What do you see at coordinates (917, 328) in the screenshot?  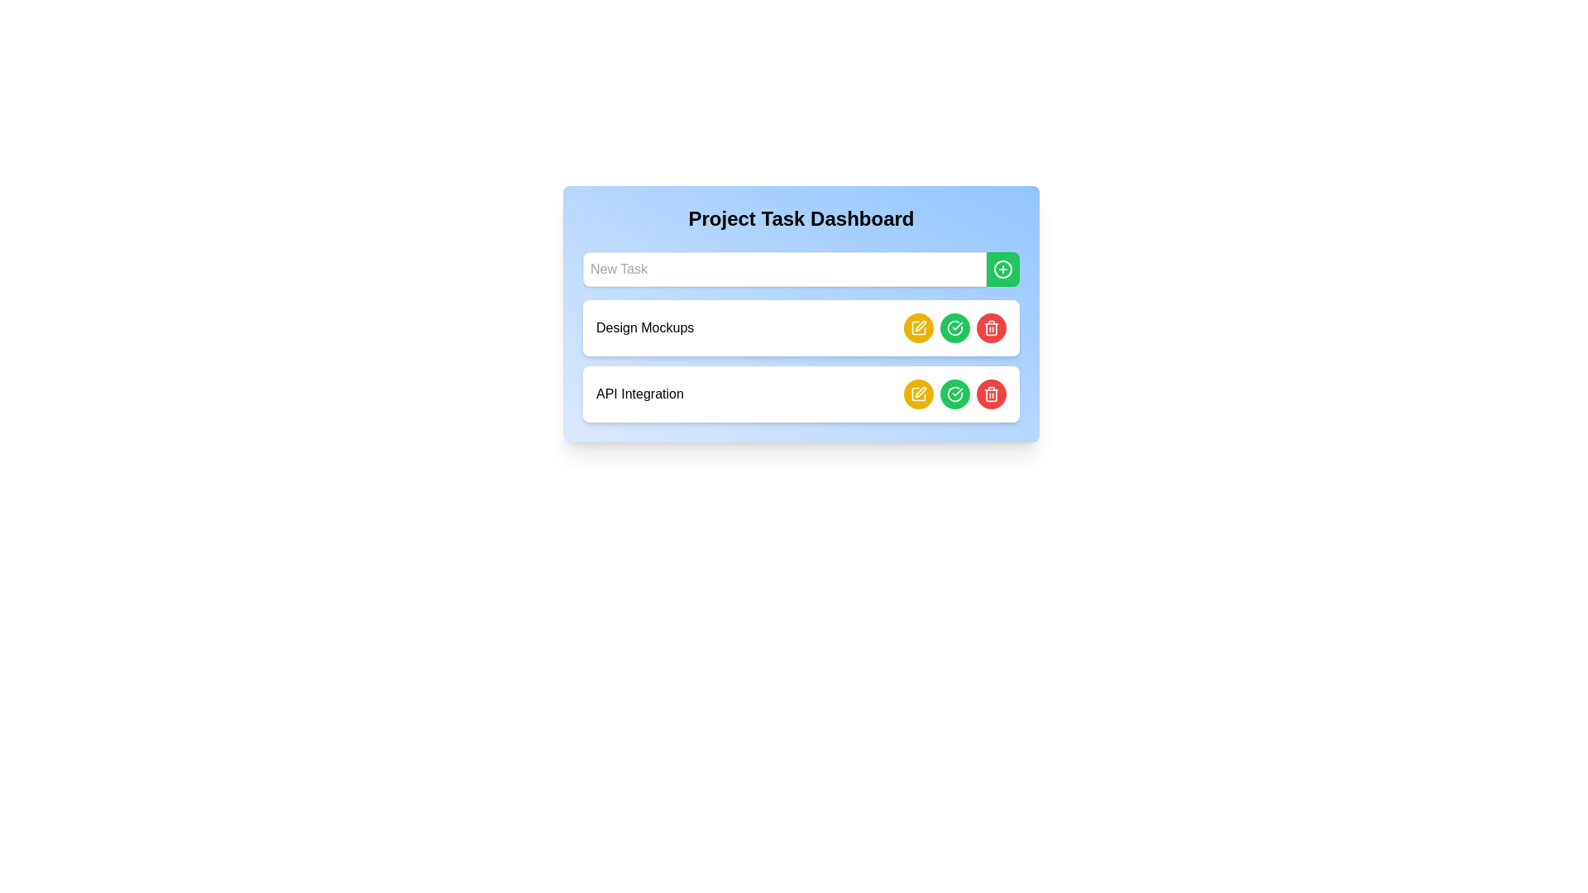 I see `the edit button associated with the task 'Design Mockups' located in the second row of the task list` at bounding box center [917, 328].